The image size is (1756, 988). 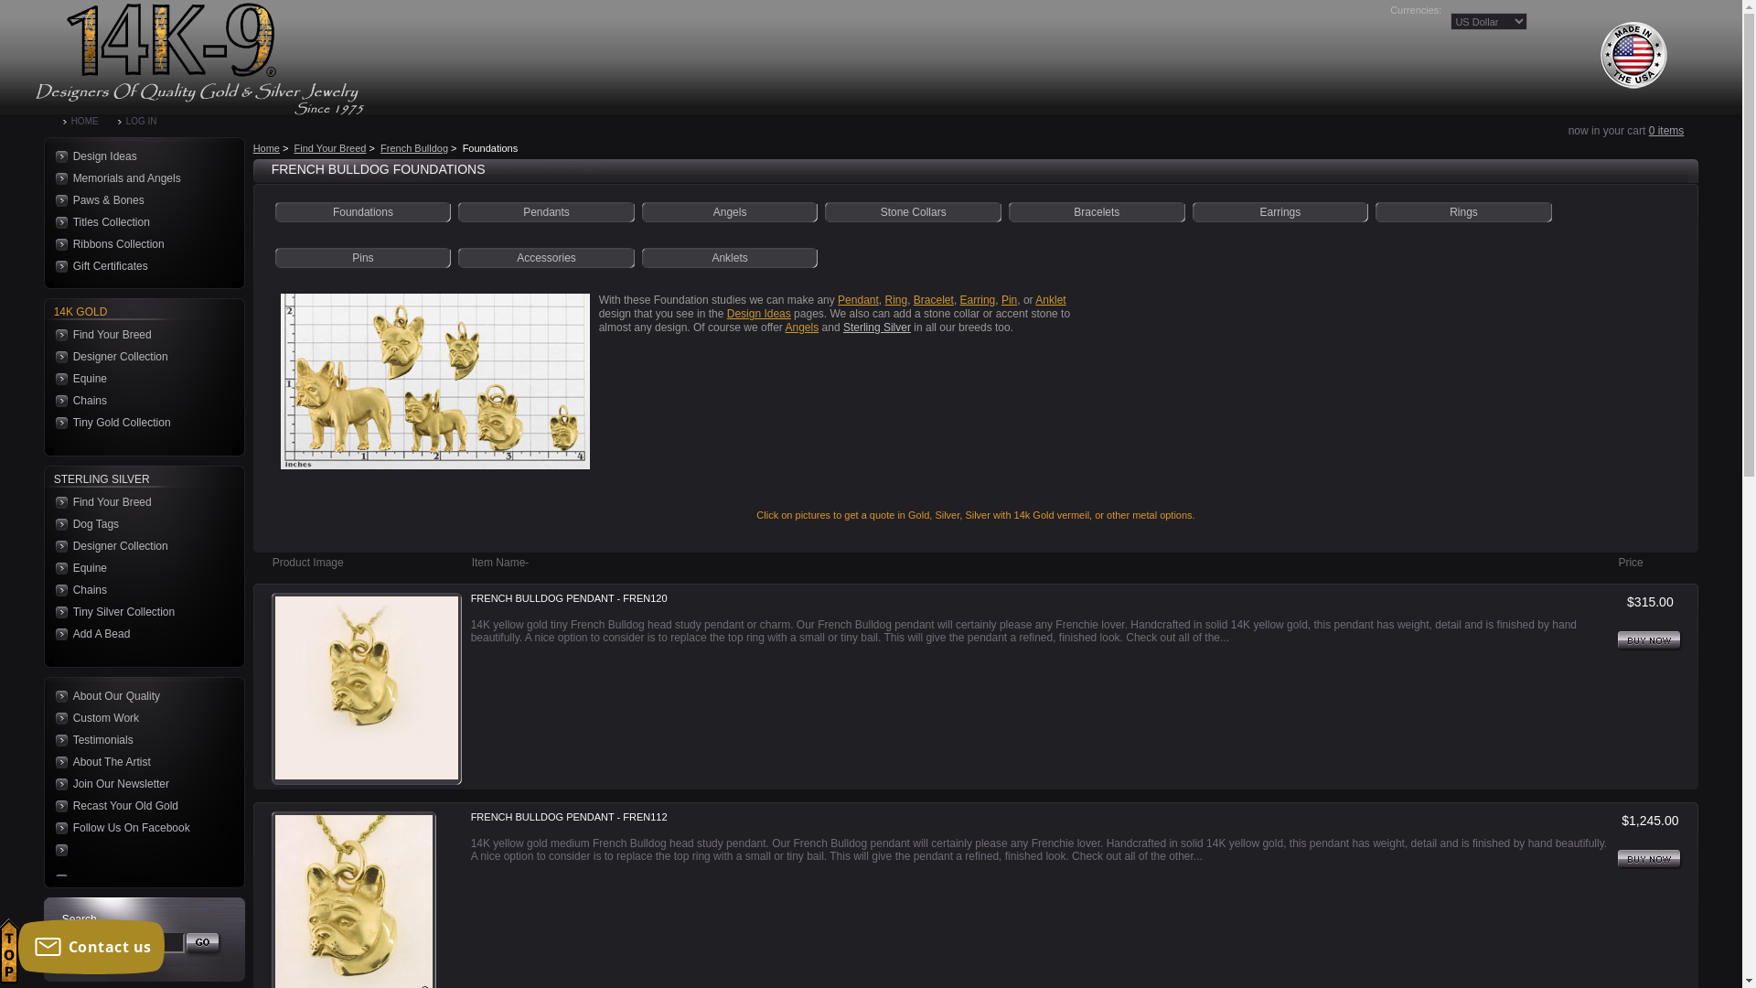 I want to click on 'About Our Quality', so click(x=52, y=695).